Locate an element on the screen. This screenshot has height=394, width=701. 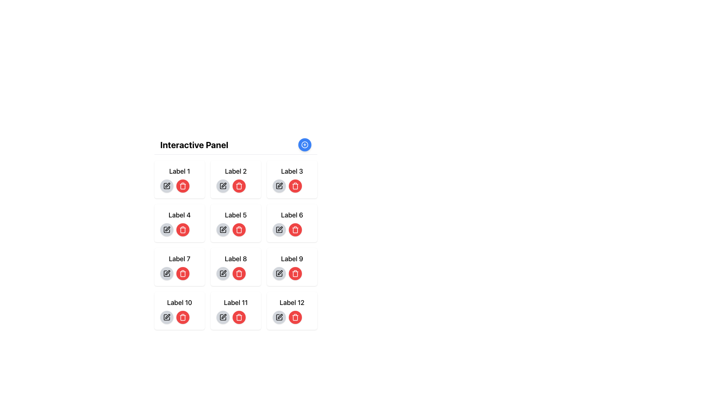
the edit button associated with 'Label 10' located in the bottom-left corner of the grid layout to initiate the edit action is located at coordinates (166, 317).